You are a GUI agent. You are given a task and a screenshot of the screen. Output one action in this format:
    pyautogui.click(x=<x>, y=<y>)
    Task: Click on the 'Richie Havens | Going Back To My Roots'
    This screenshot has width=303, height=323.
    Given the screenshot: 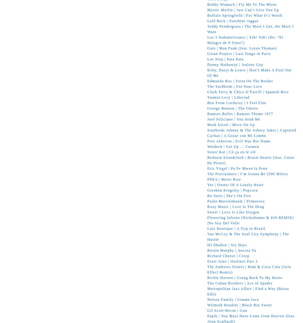 What is the action you would take?
    pyautogui.click(x=245, y=277)
    